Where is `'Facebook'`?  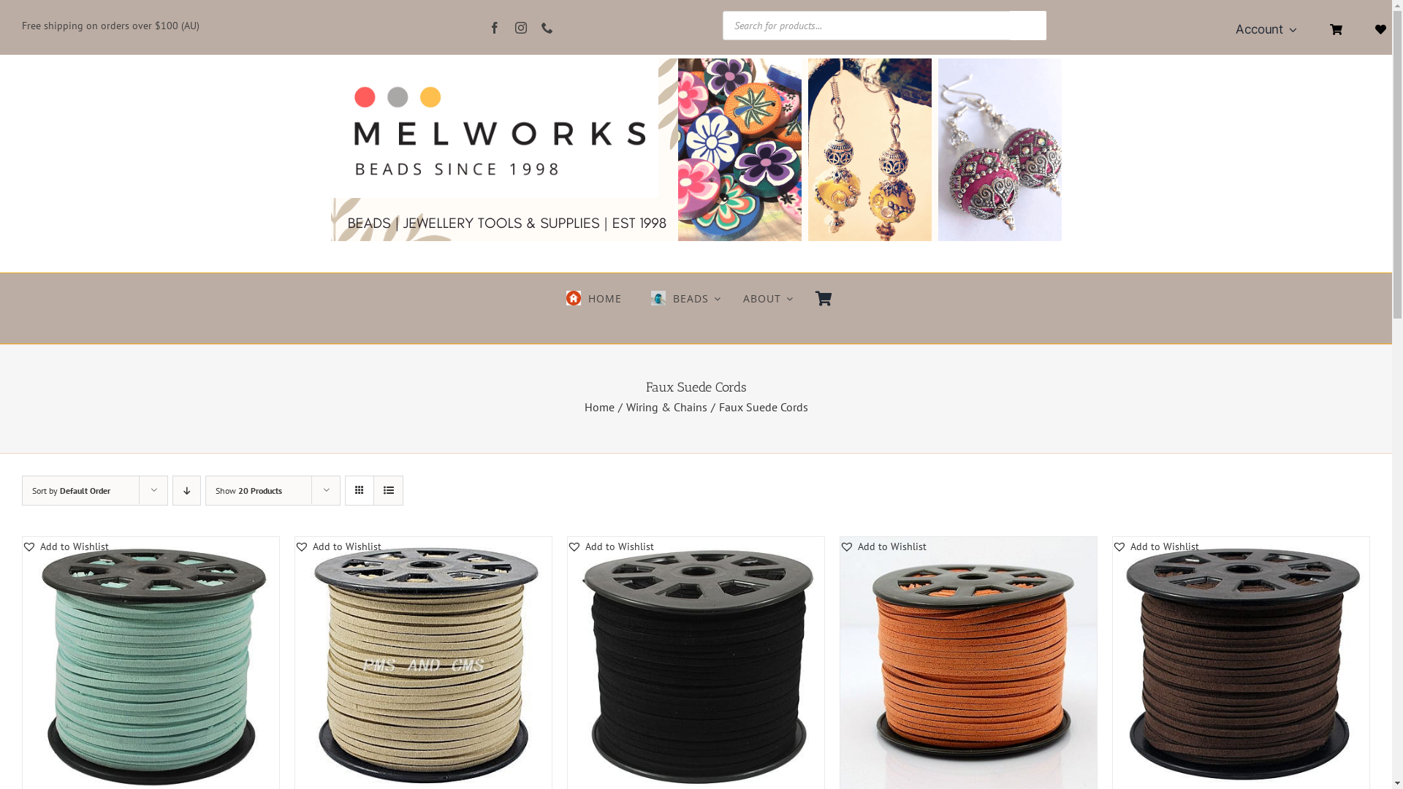 'Facebook' is located at coordinates (494, 28).